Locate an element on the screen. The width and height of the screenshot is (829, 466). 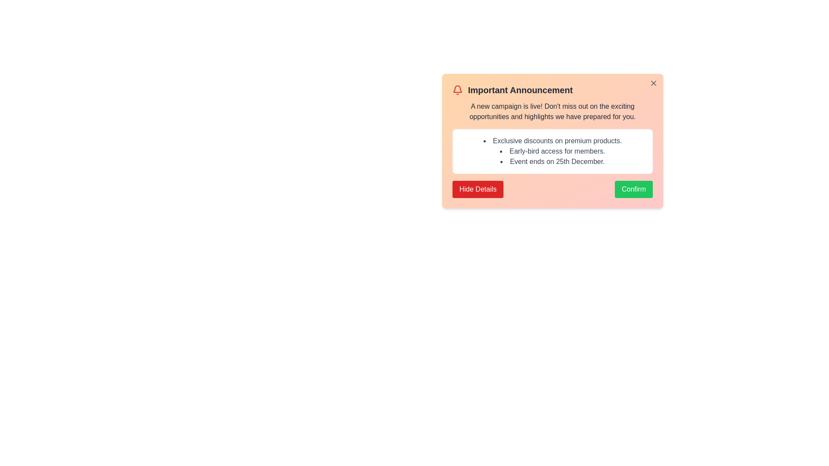
close button in the top-right corner of the alert to dismiss it is located at coordinates (653, 83).